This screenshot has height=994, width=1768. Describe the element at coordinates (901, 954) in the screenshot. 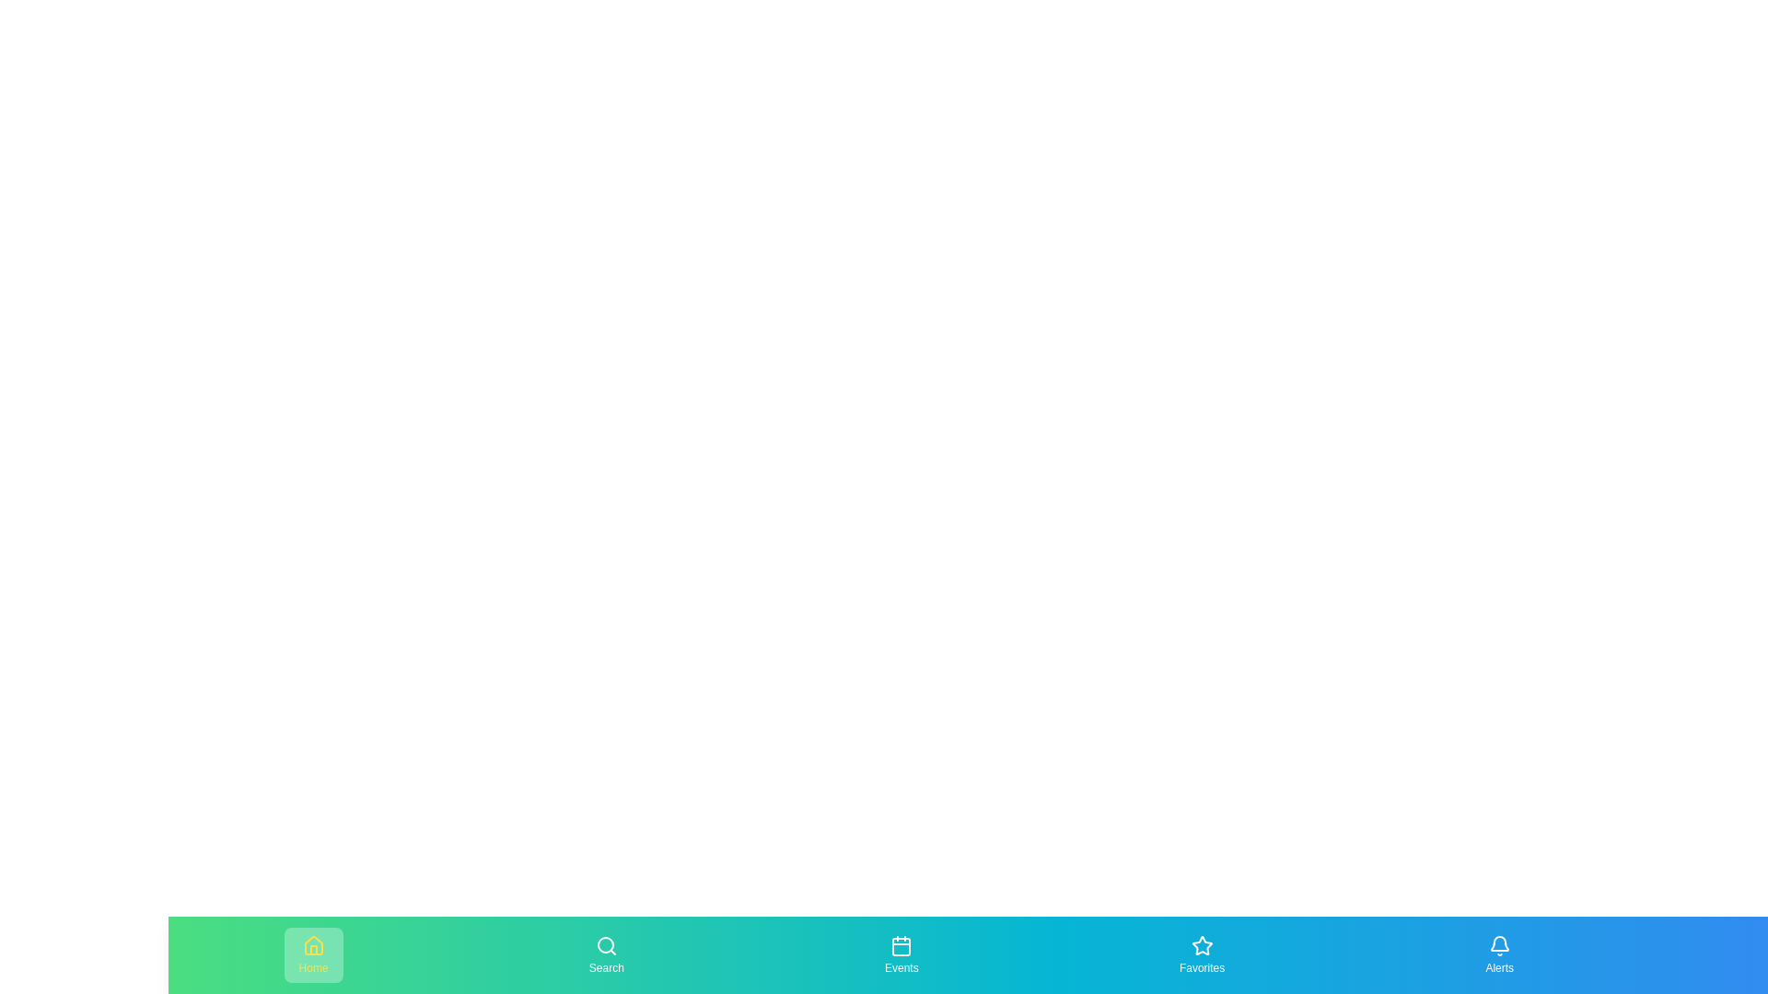

I see `the navigation item labeled Events to preview its effect` at that location.